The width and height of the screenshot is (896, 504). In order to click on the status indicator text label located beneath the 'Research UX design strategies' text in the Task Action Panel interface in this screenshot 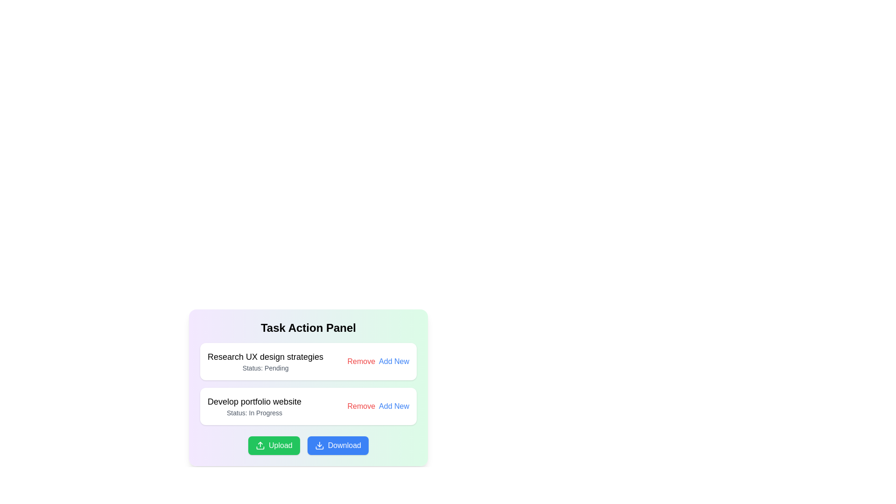, I will do `click(265, 368)`.